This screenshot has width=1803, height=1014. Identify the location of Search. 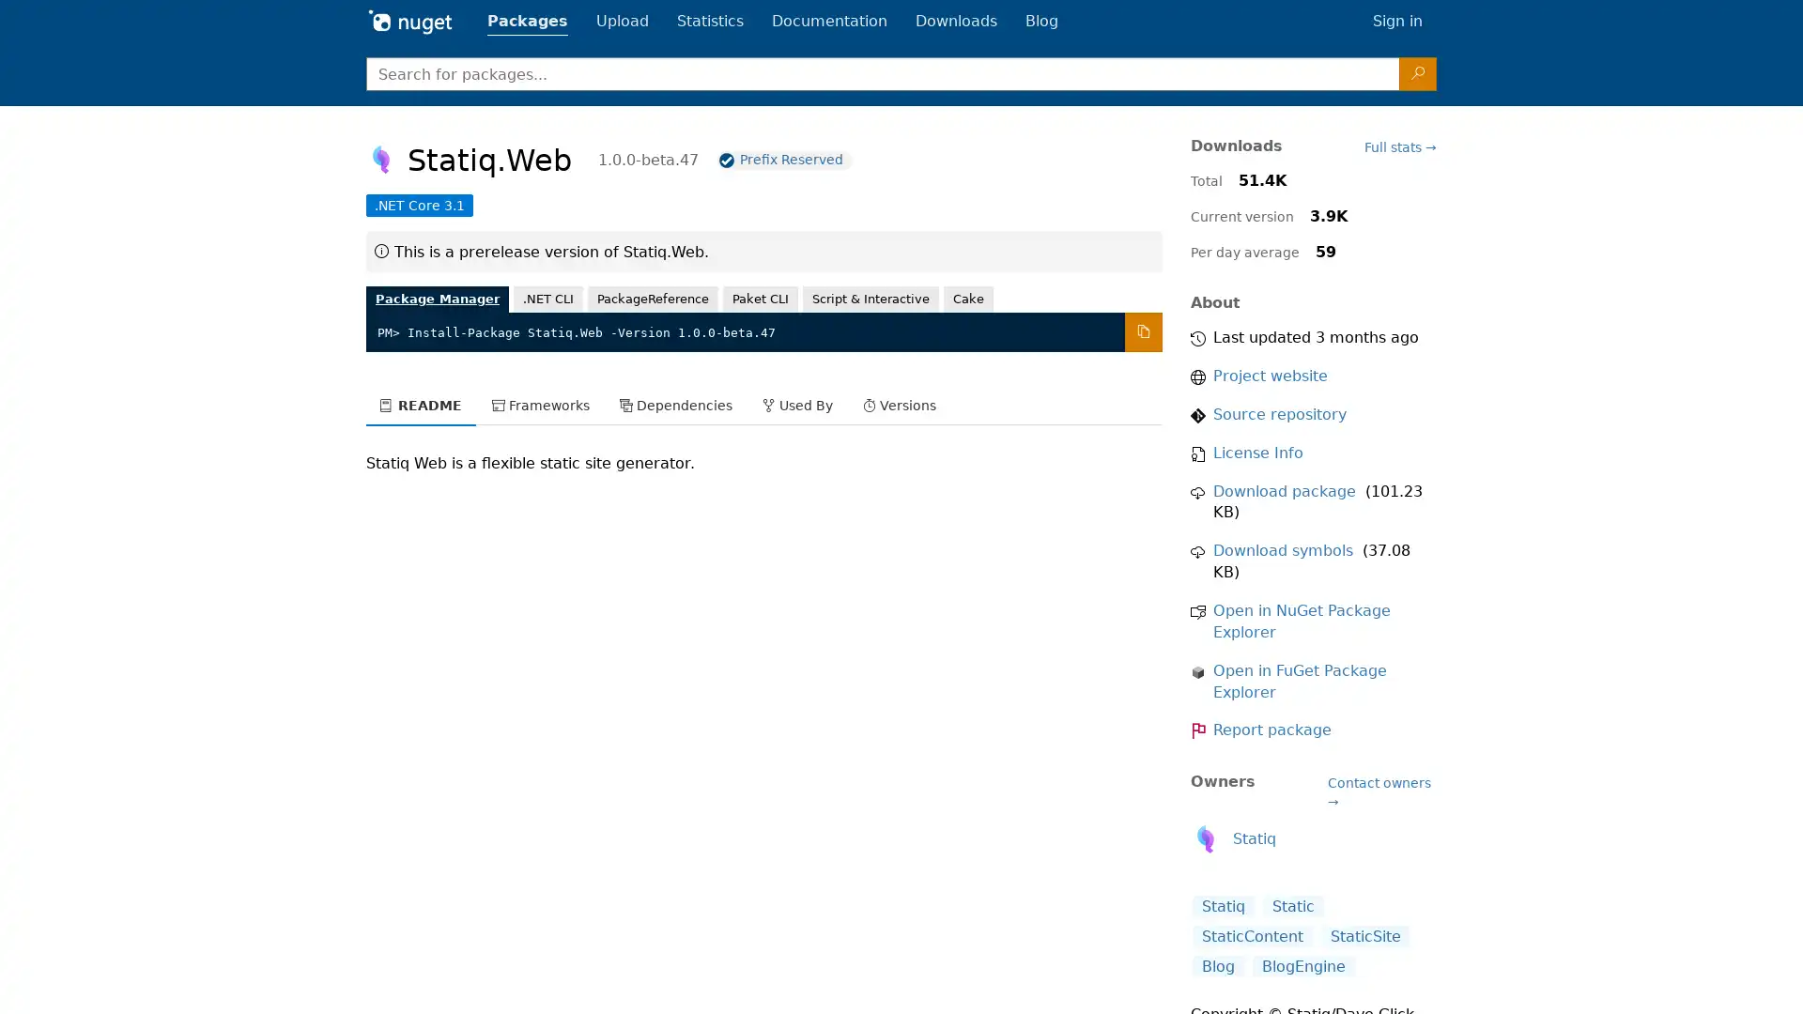
(1418, 72).